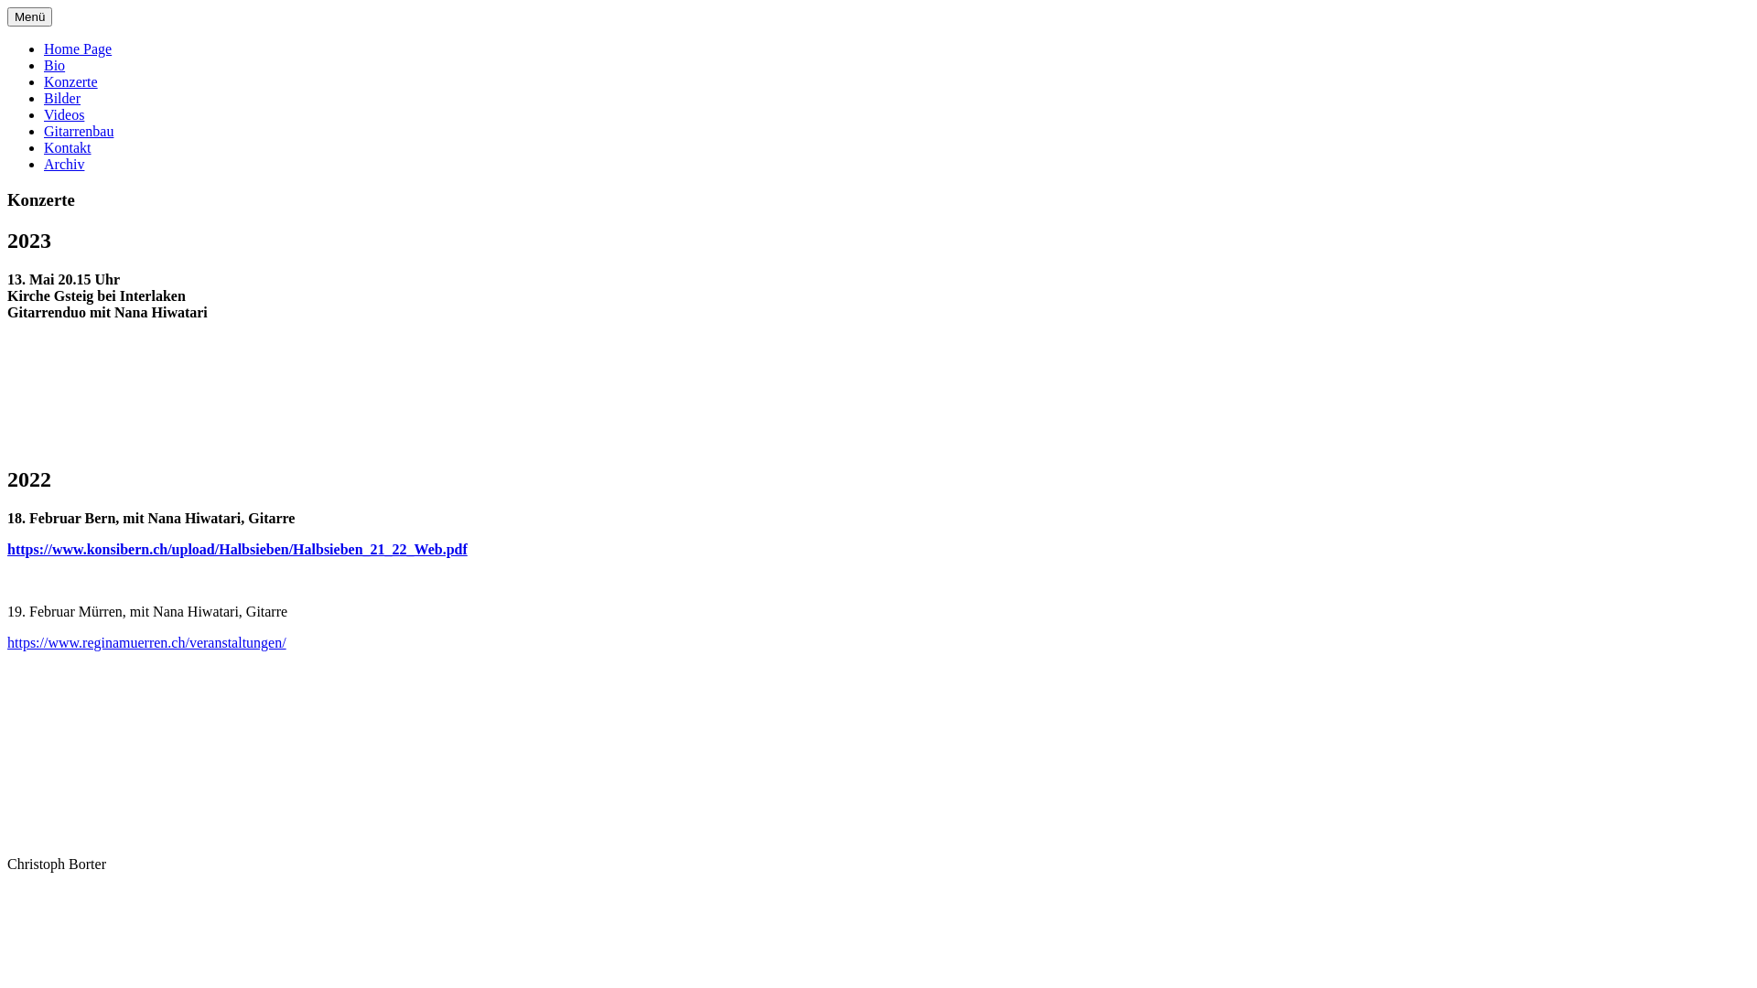 The image size is (1757, 988). What do you see at coordinates (64, 114) in the screenshot?
I see `'Videos'` at bounding box center [64, 114].